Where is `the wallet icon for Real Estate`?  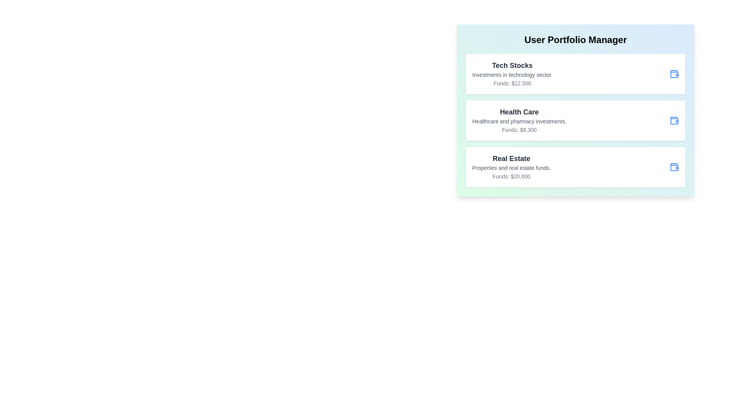 the wallet icon for Real Estate is located at coordinates (674, 167).